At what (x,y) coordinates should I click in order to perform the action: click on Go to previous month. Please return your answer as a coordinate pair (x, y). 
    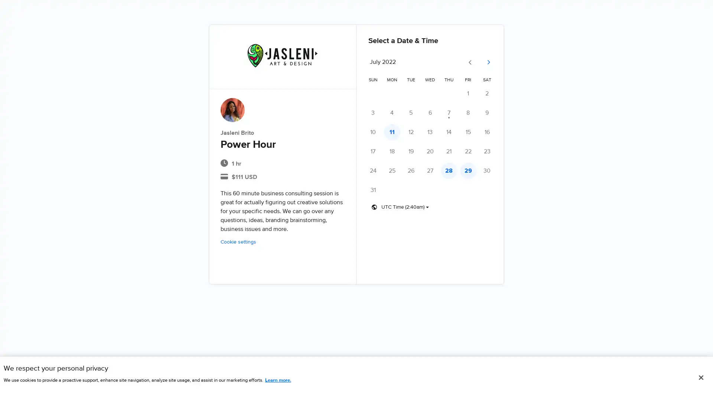
    Looking at the image, I should click on (471, 62).